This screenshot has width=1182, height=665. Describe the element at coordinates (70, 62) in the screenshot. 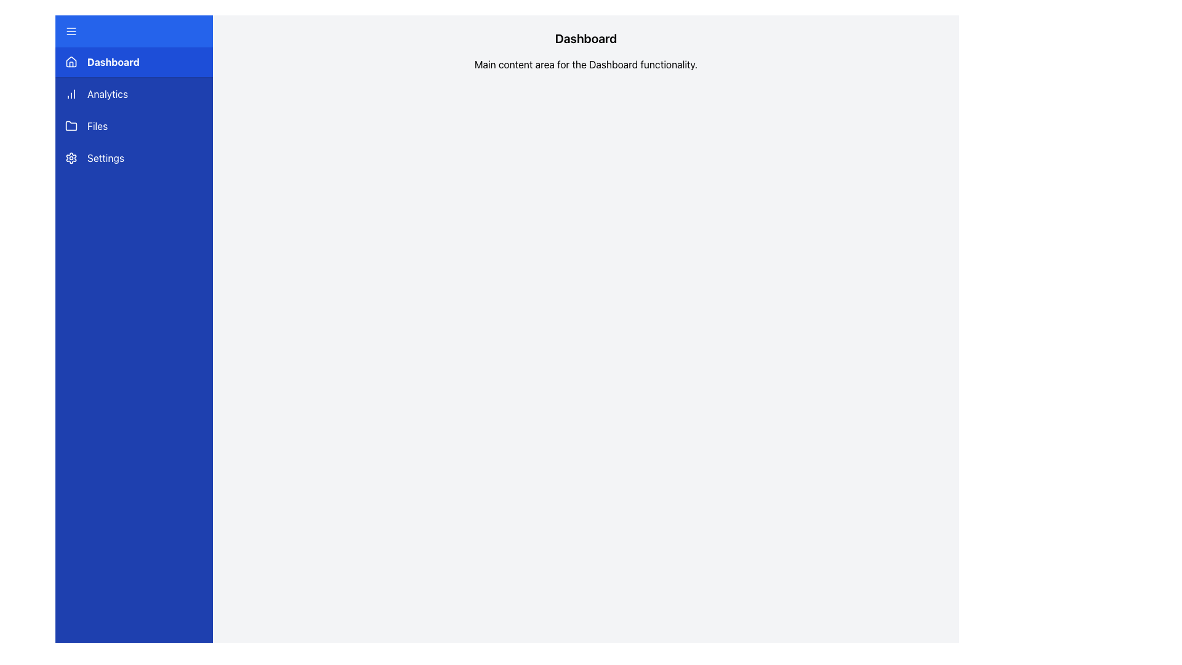

I see `the small house icon in the blue sidebar menu` at that location.